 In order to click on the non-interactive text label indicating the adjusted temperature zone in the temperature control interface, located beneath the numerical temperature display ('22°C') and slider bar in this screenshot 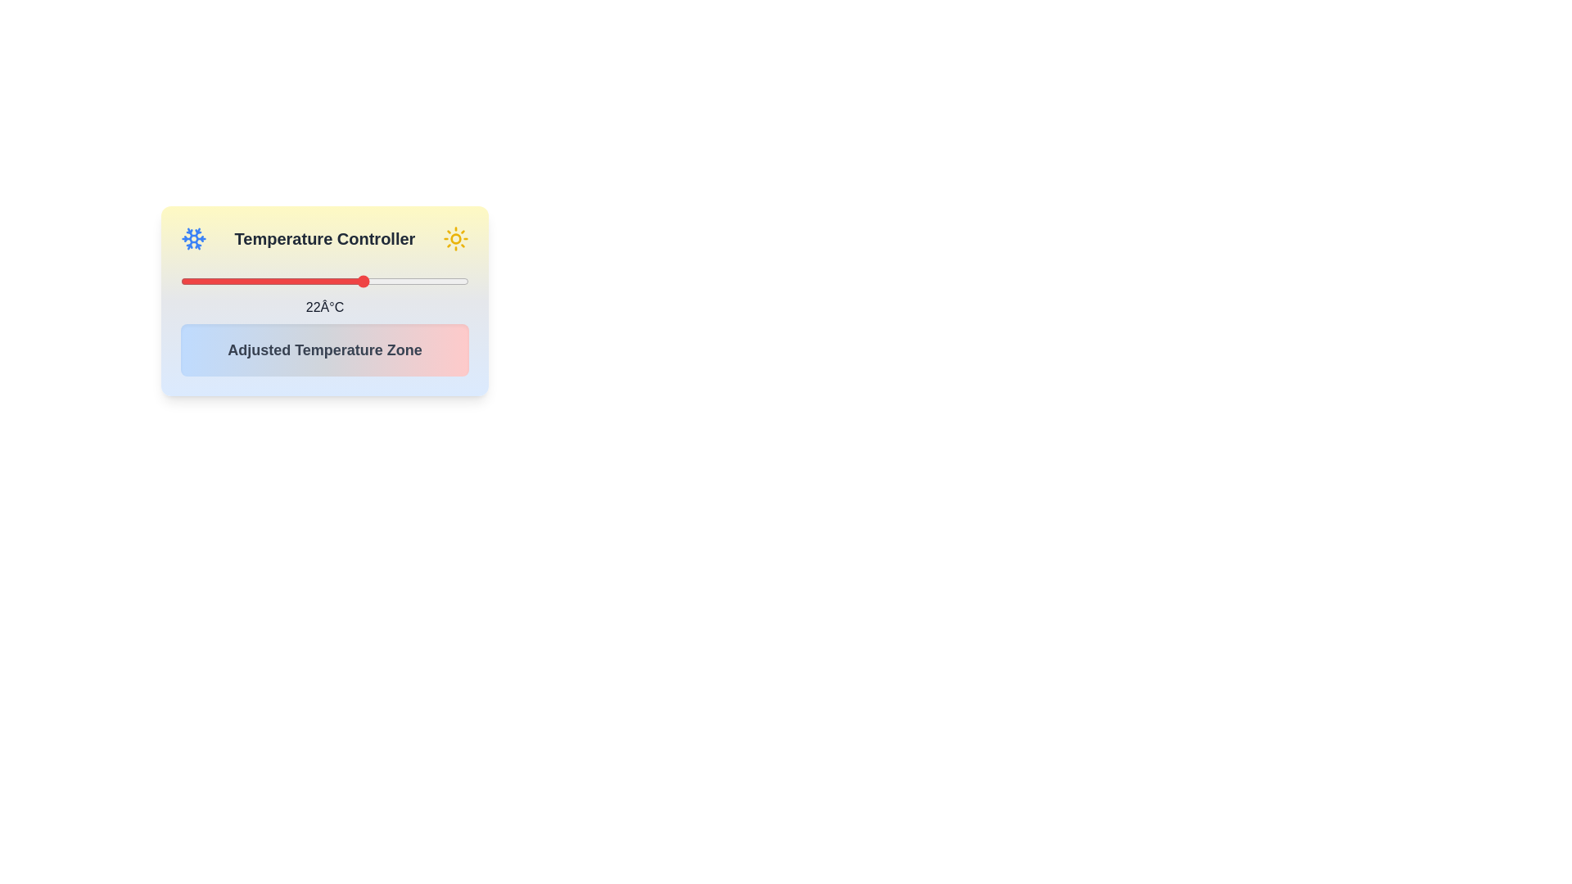, I will do `click(325, 350)`.